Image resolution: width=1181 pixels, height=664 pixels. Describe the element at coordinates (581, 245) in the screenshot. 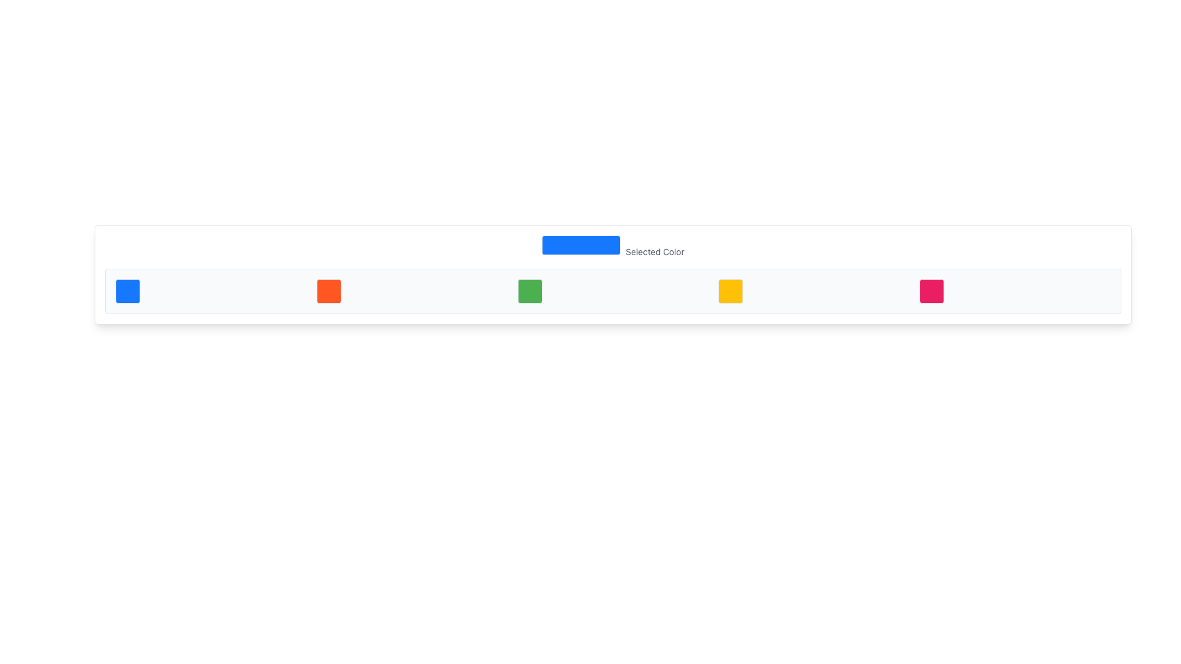

I see `the appearance of the visual indicator representing the currently selected color, located to the left of the 'Selected Color' text label` at that location.